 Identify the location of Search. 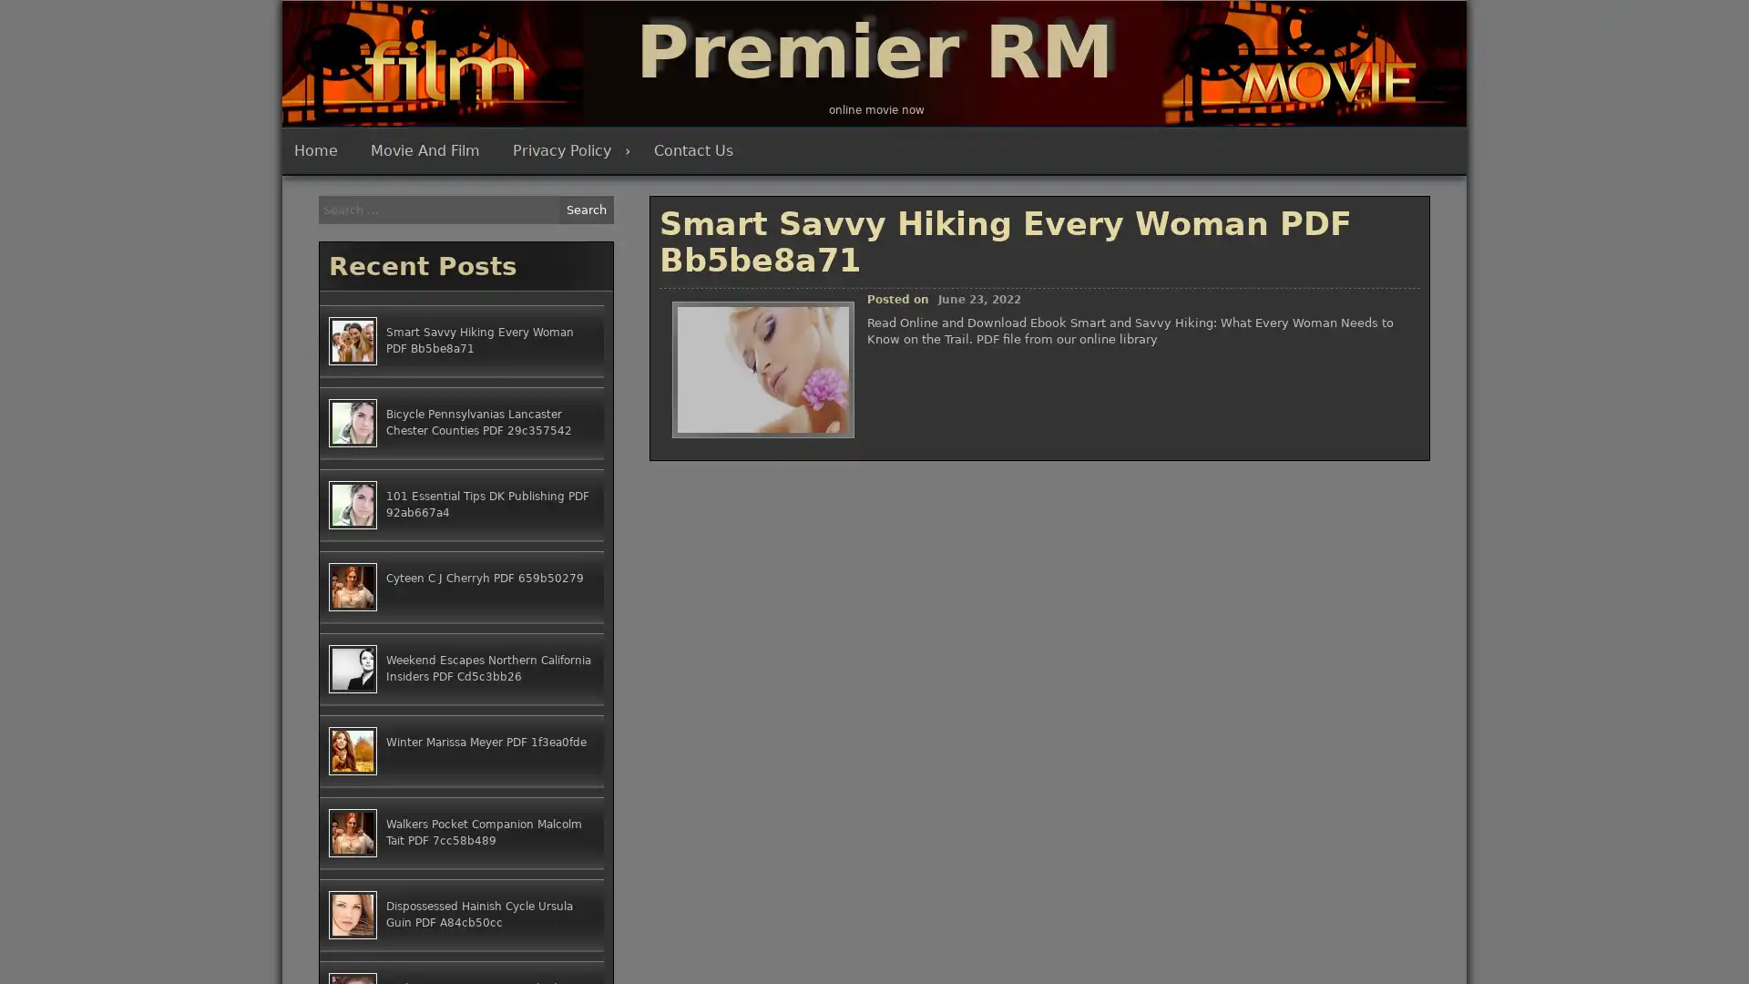
(586, 209).